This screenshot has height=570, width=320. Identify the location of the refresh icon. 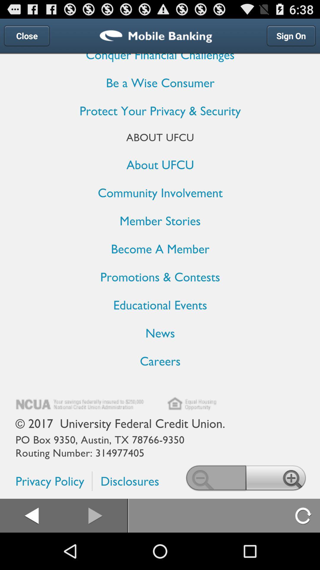
(304, 552).